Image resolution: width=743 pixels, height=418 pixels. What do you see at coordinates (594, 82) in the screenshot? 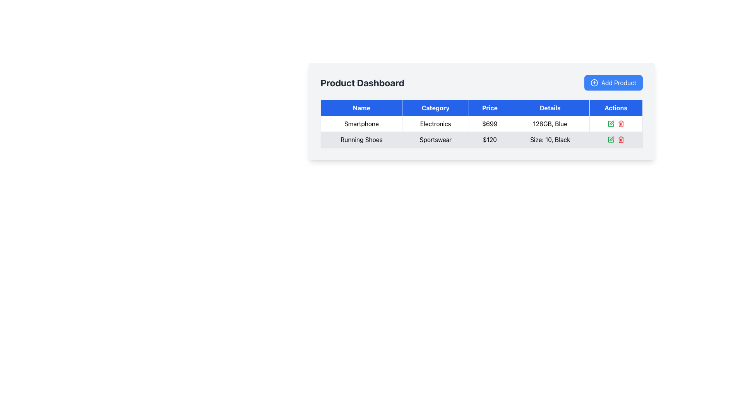
I see `the 'Add Product' button which features a circular white graphic outline within a blue button located at the top-right corner of the interface` at bounding box center [594, 82].